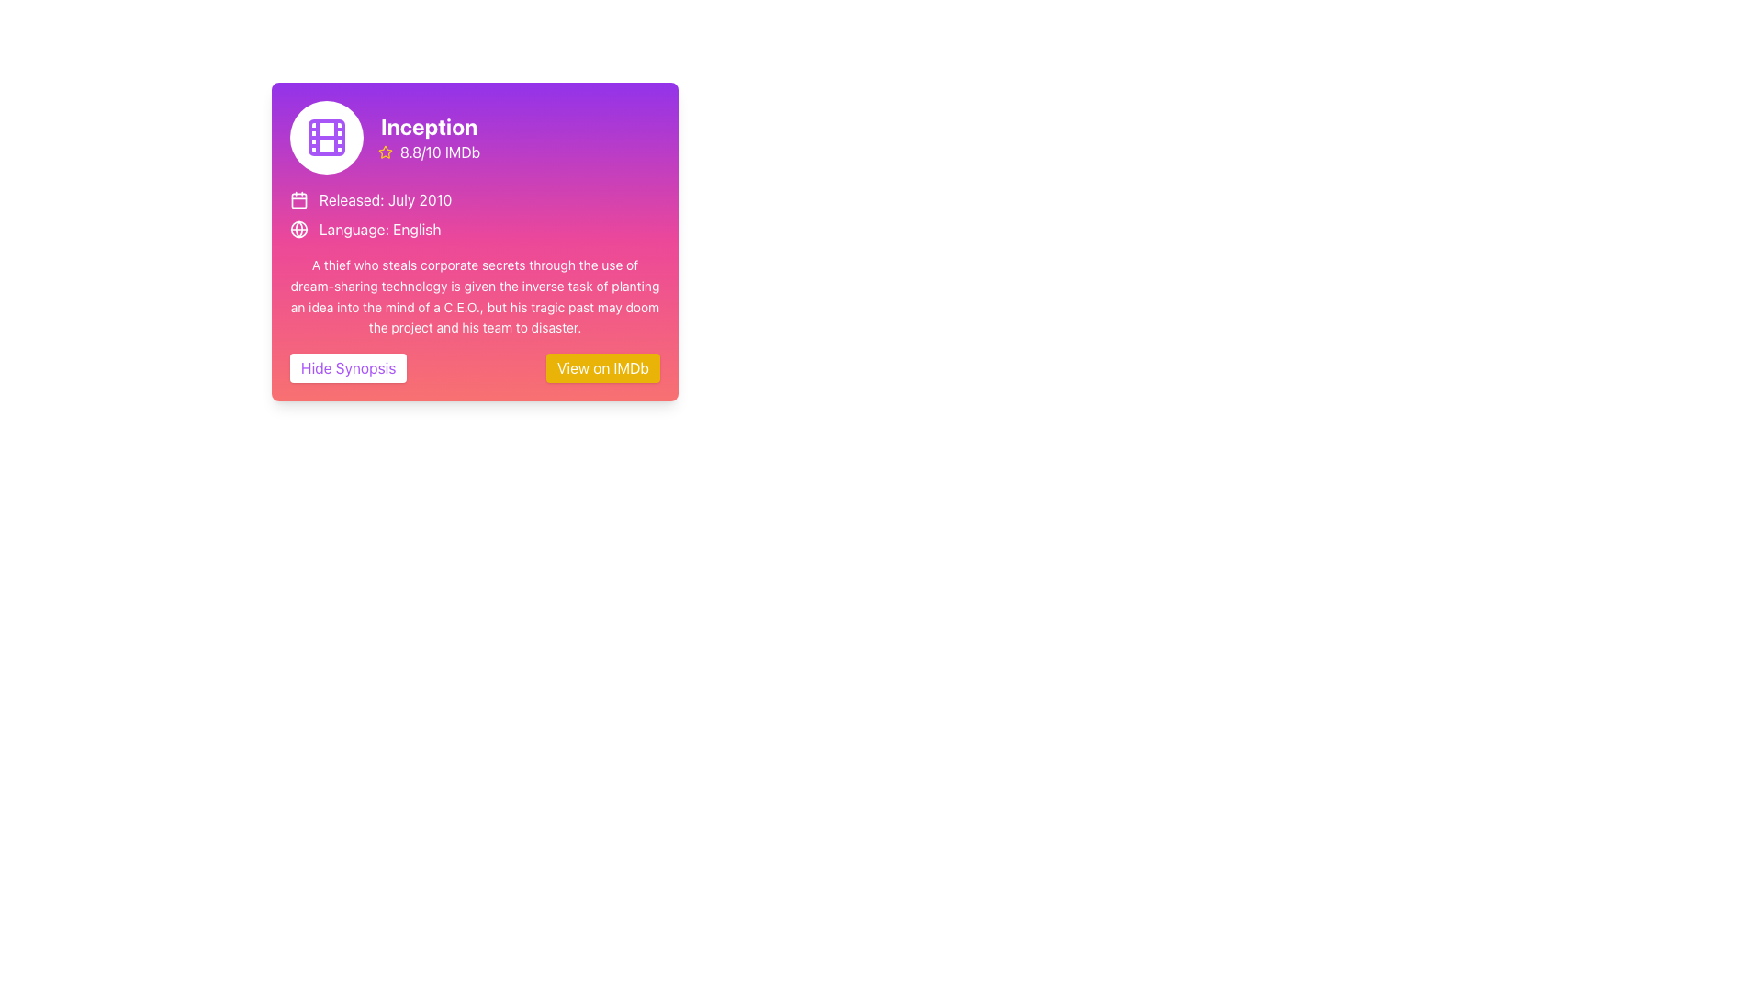 This screenshot has height=992, width=1763. I want to click on movie details from the Information card displaying the title 'Inception', IMDb rating, release date, and language, located at the center of the modal, so click(475, 241).